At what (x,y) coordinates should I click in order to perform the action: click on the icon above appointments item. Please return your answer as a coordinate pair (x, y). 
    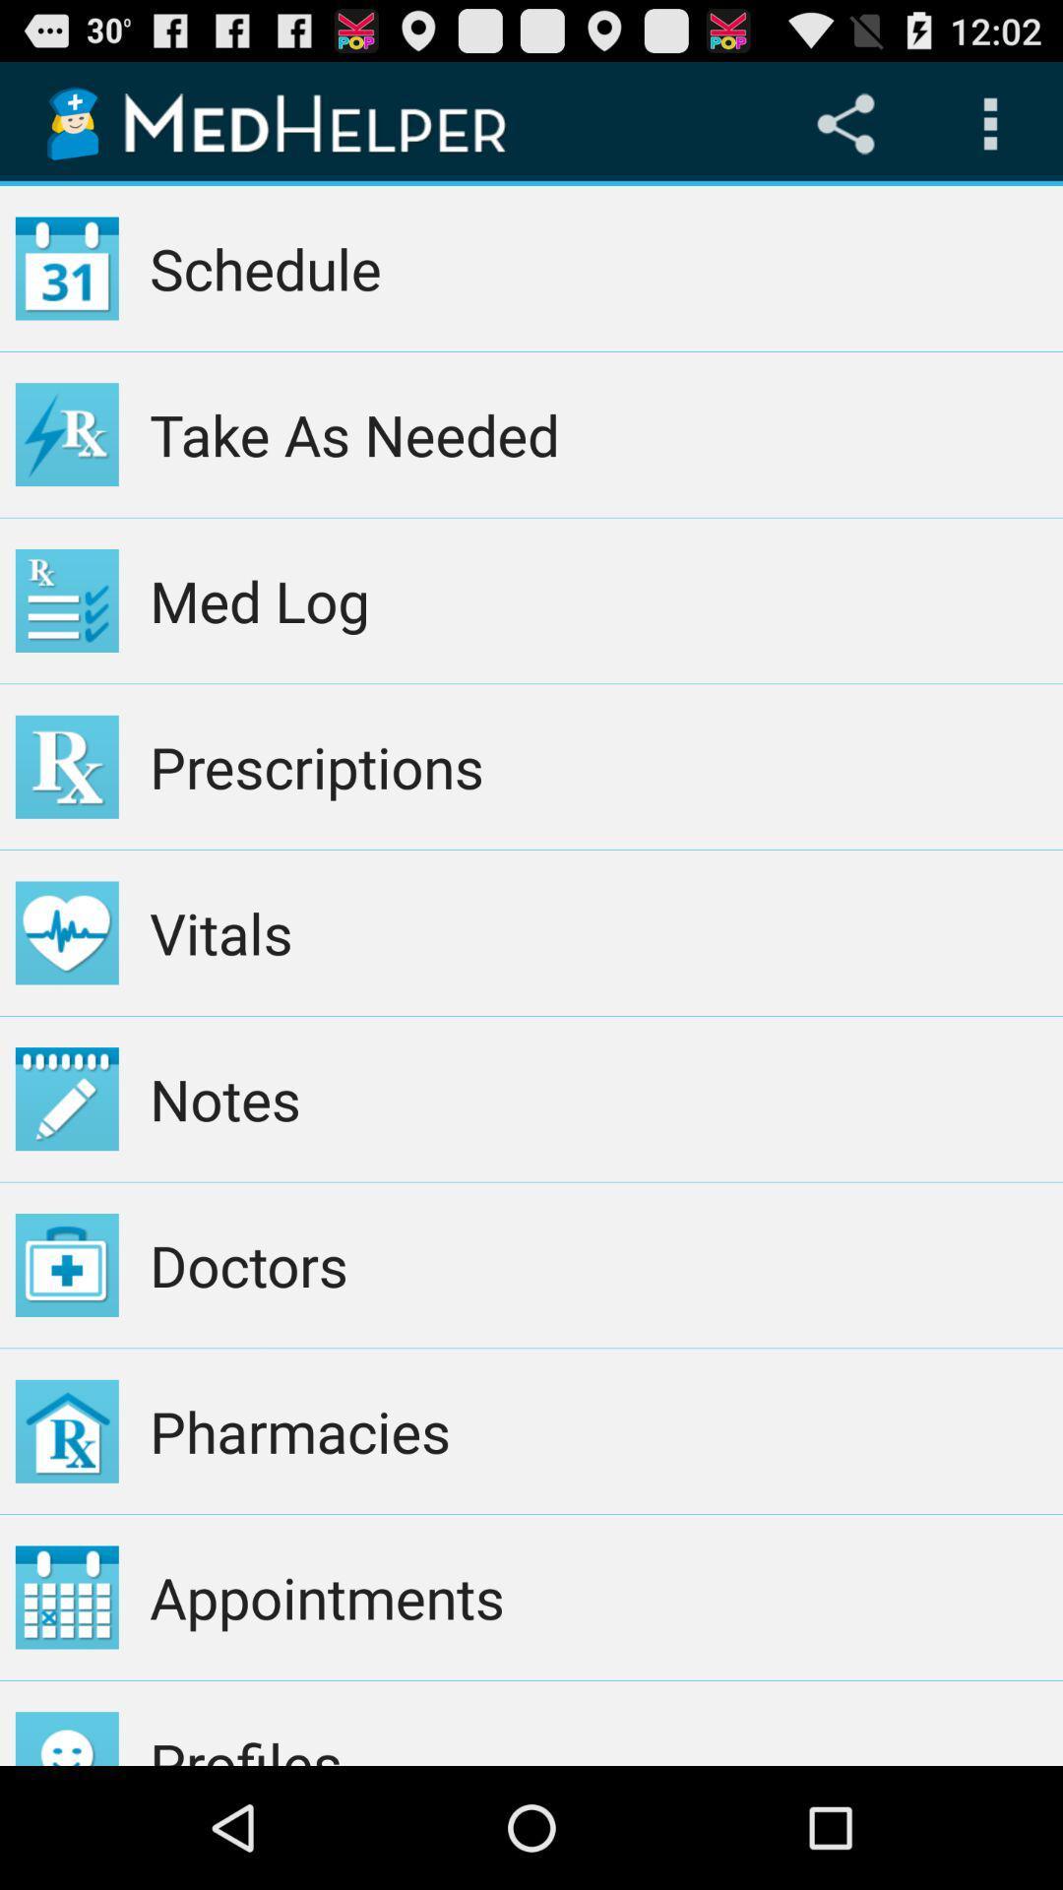
    Looking at the image, I should click on (597, 1431).